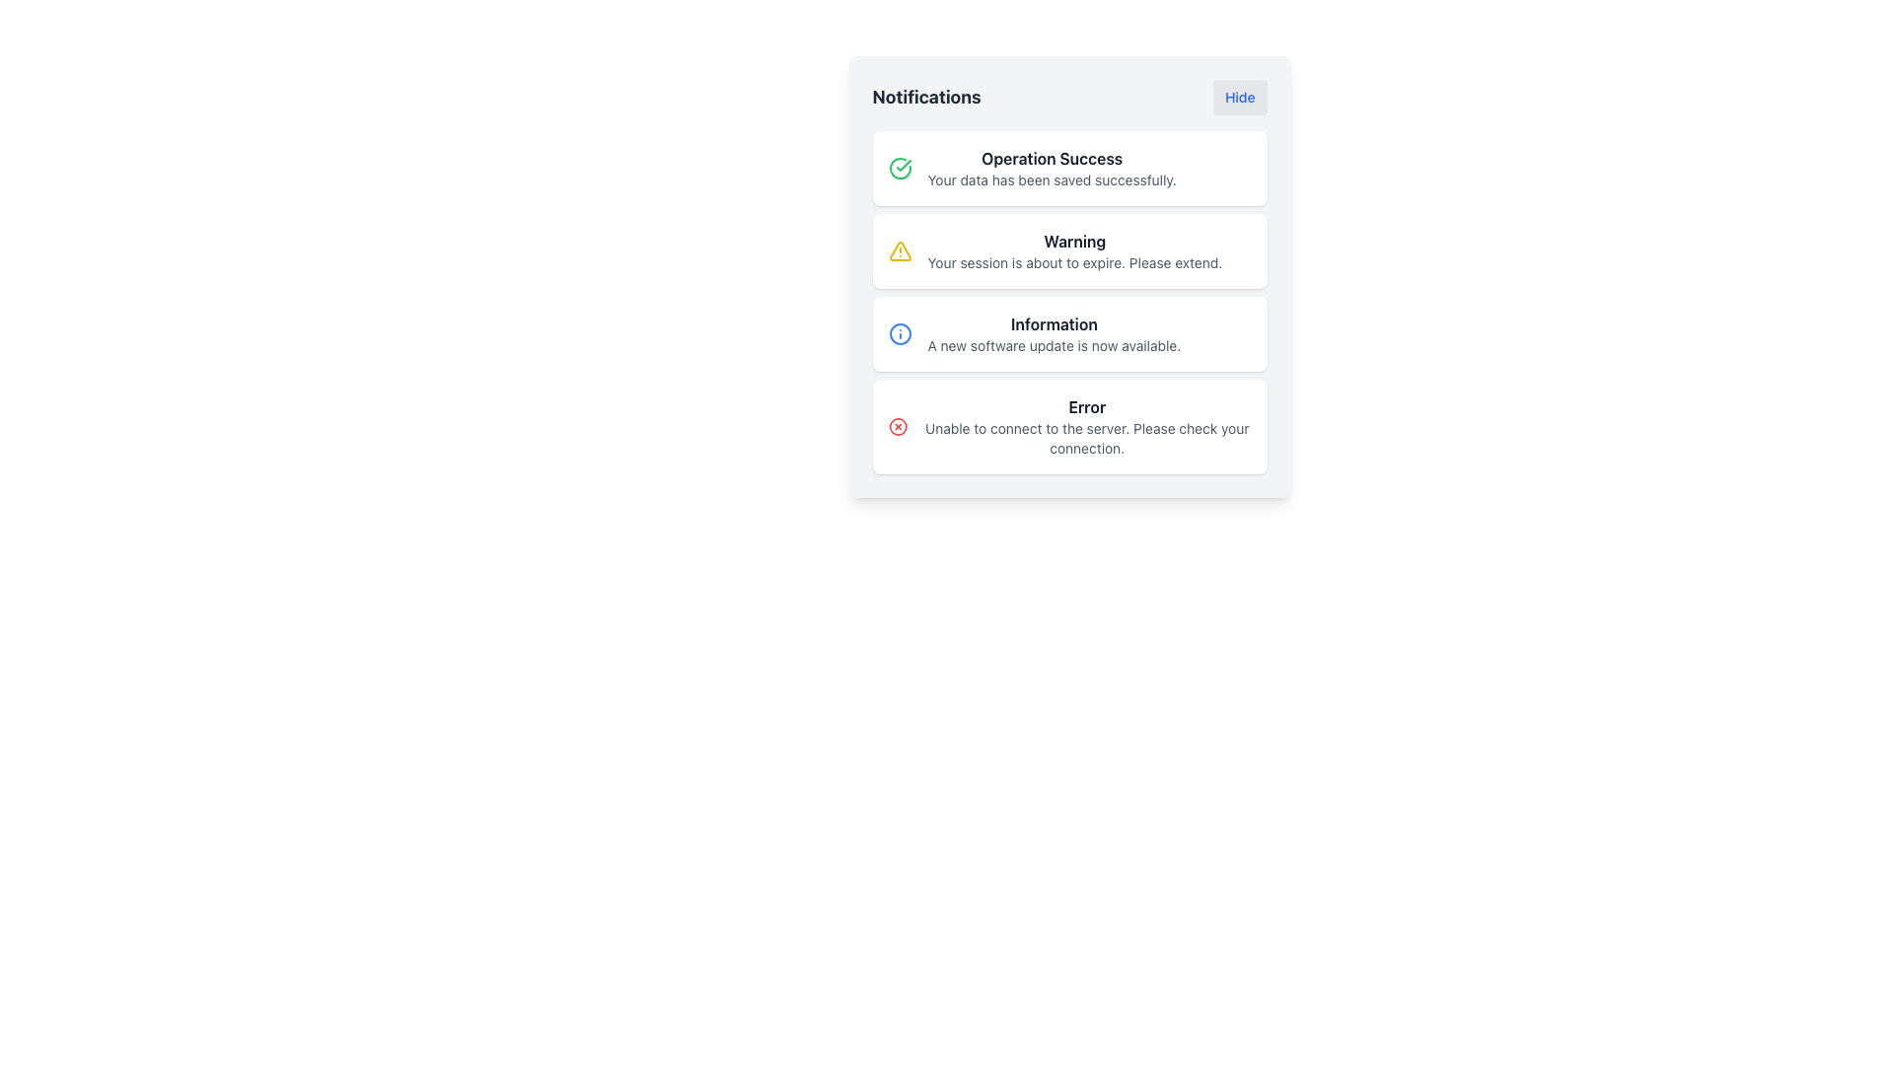  I want to click on alert text from the Notification Alert that contains a yellow warning triangle icon on the left, with the bold text 'Warning' and the smaller gray text 'Your session is about to expire. Please extend.', so click(1068, 249).